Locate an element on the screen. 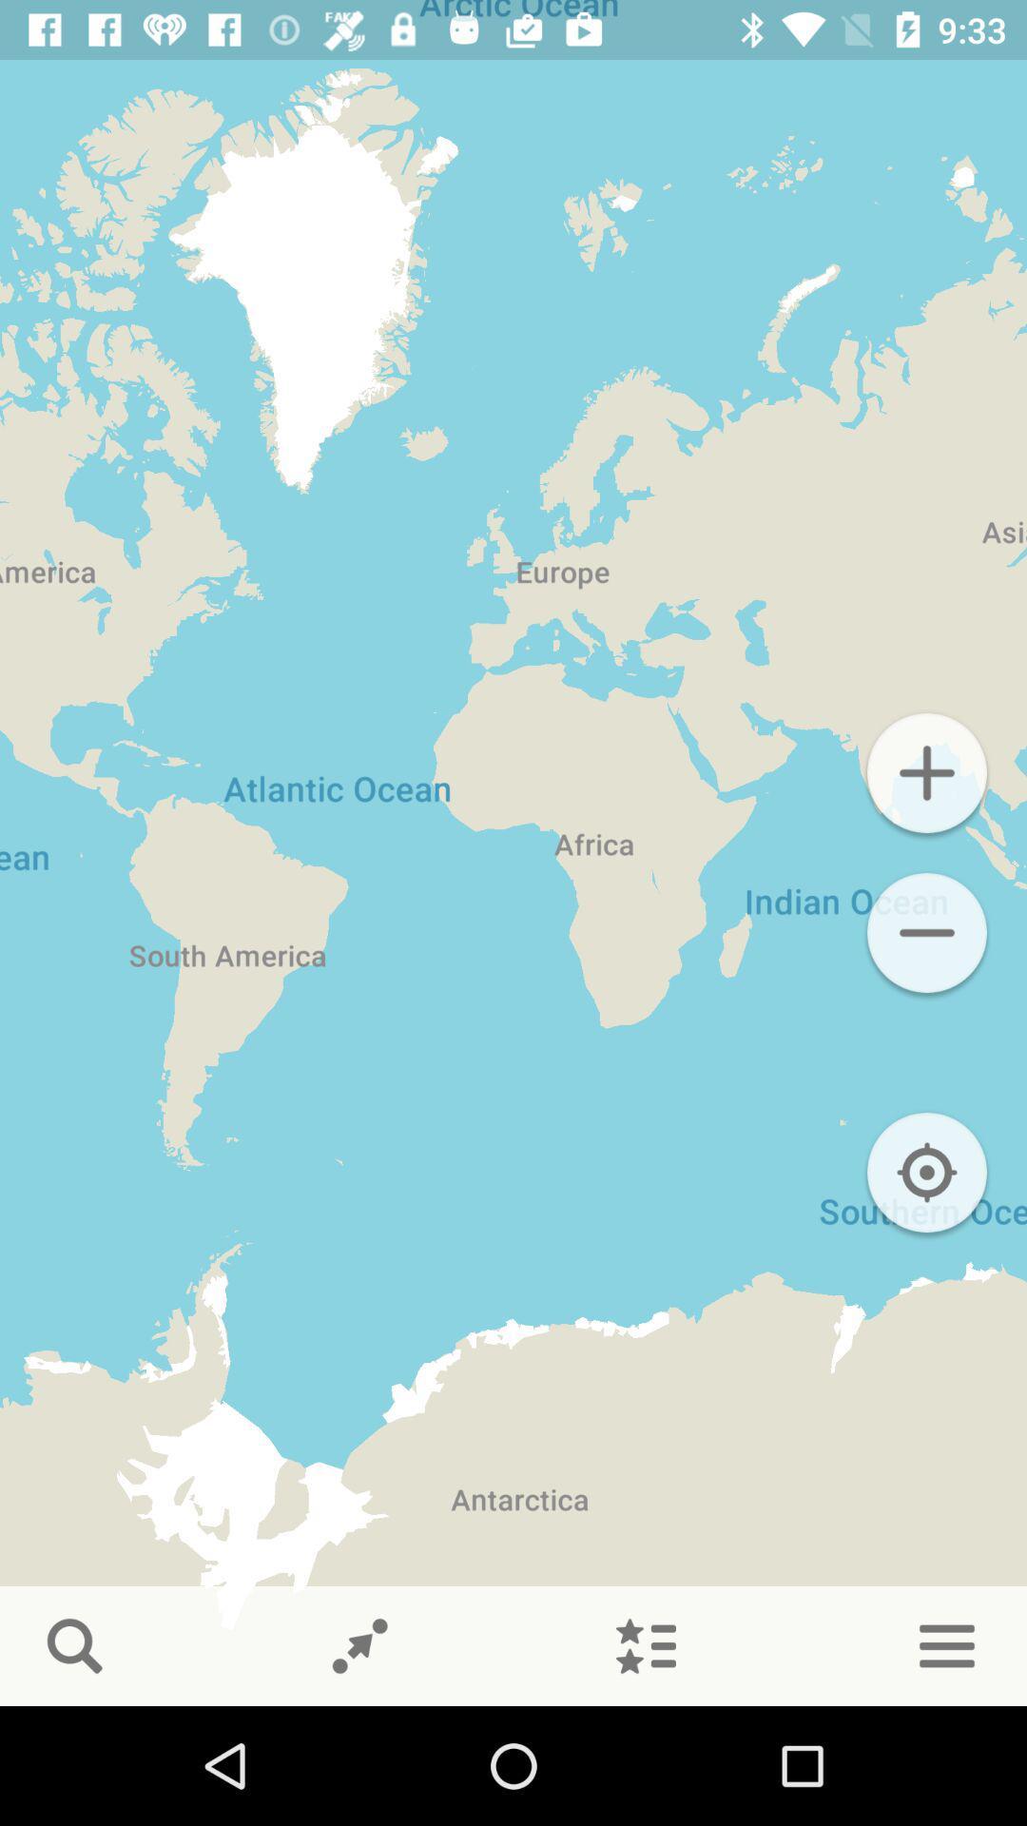 This screenshot has height=1826, width=1027. zoom out is located at coordinates (926, 932).